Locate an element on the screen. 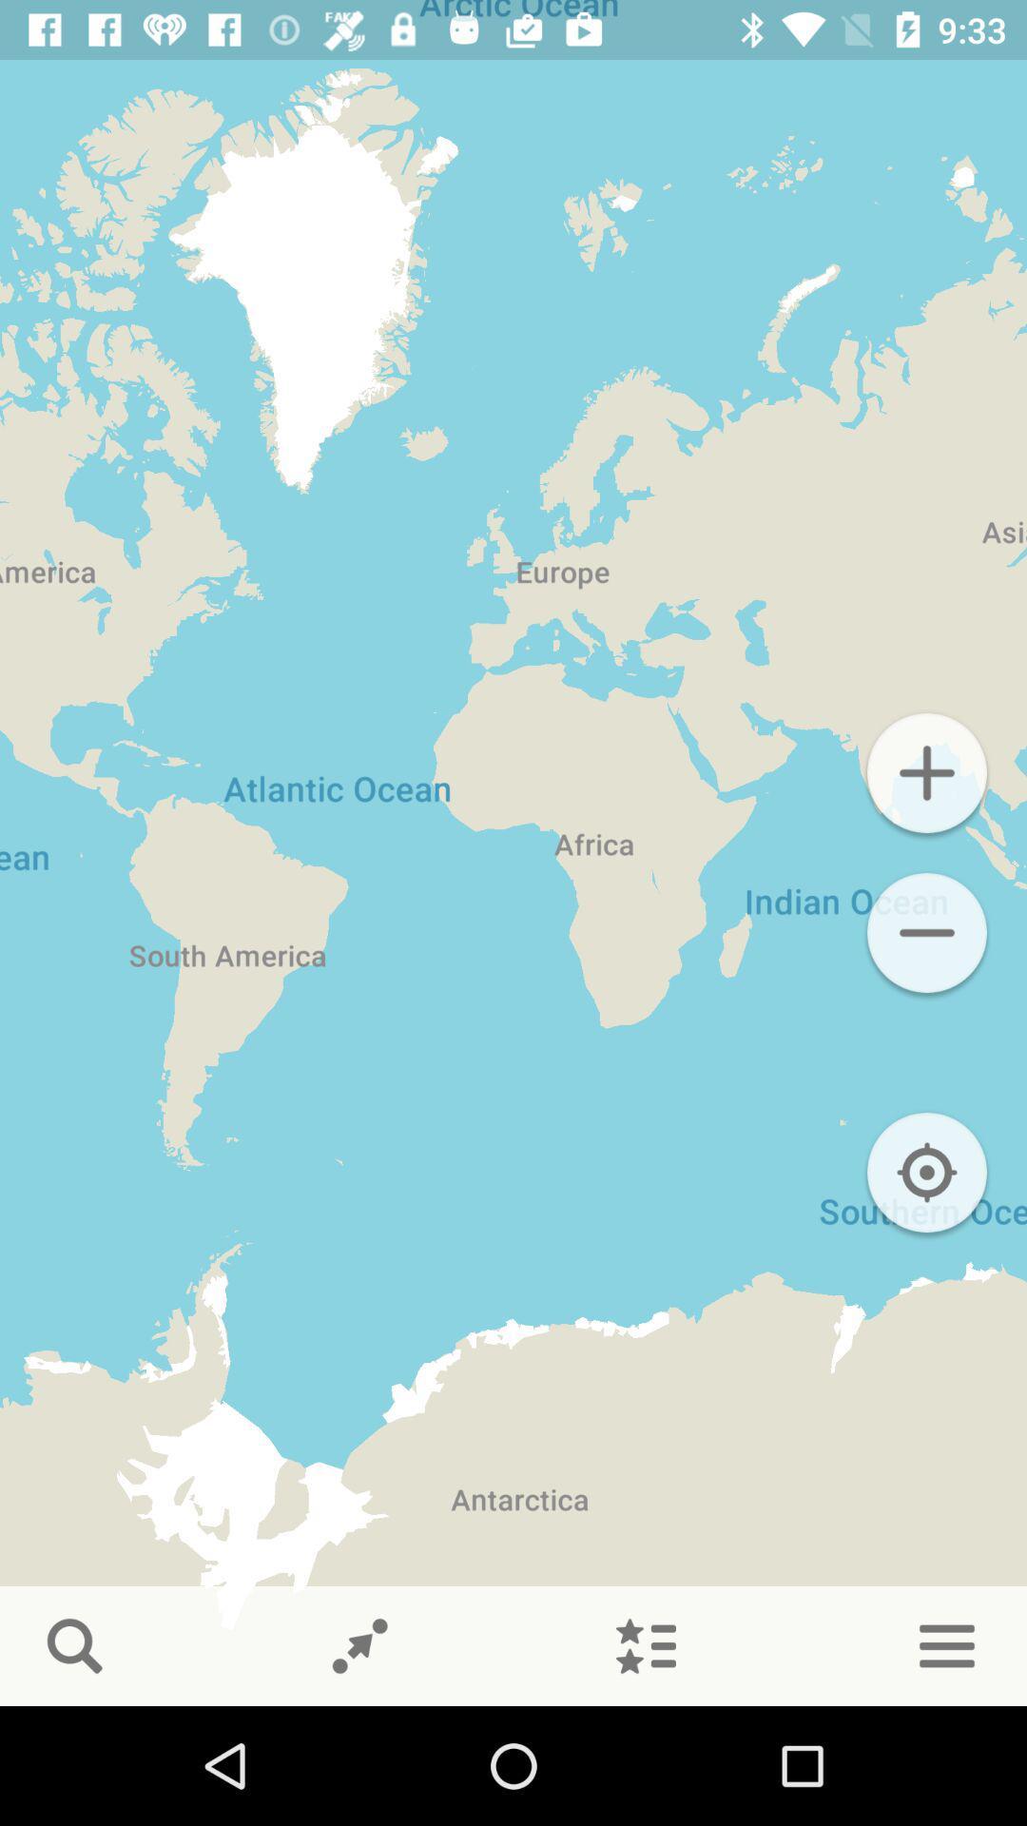 This screenshot has height=1826, width=1027. zoom out is located at coordinates (926, 932).